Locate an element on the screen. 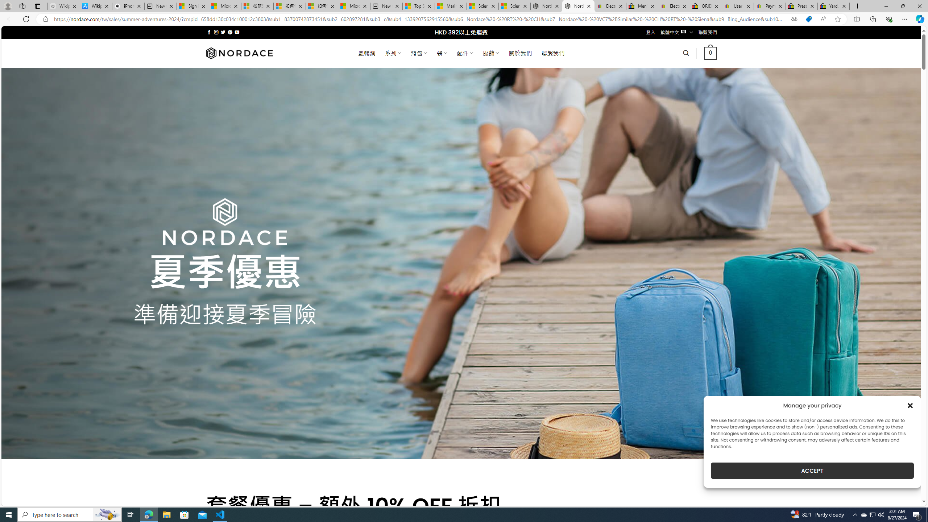  'Class: cmplz-close' is located at coordinates (910, 405).